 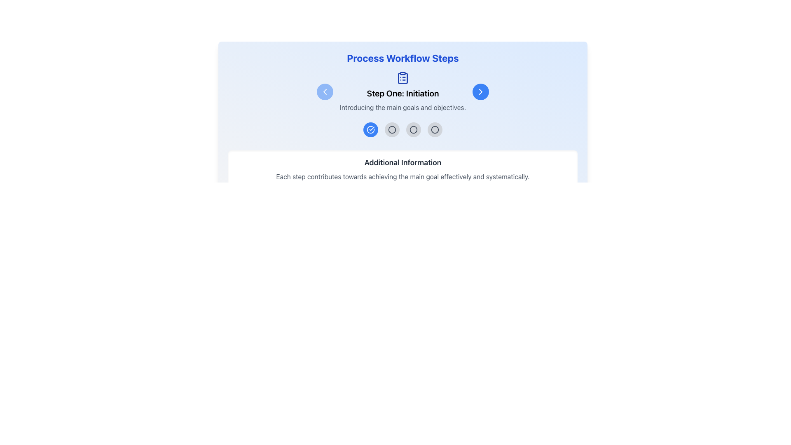 I want to click on the fourth circular graphic indicator in the 'Process Workflow Steps' section of the interface, so click(x=435, y=130).